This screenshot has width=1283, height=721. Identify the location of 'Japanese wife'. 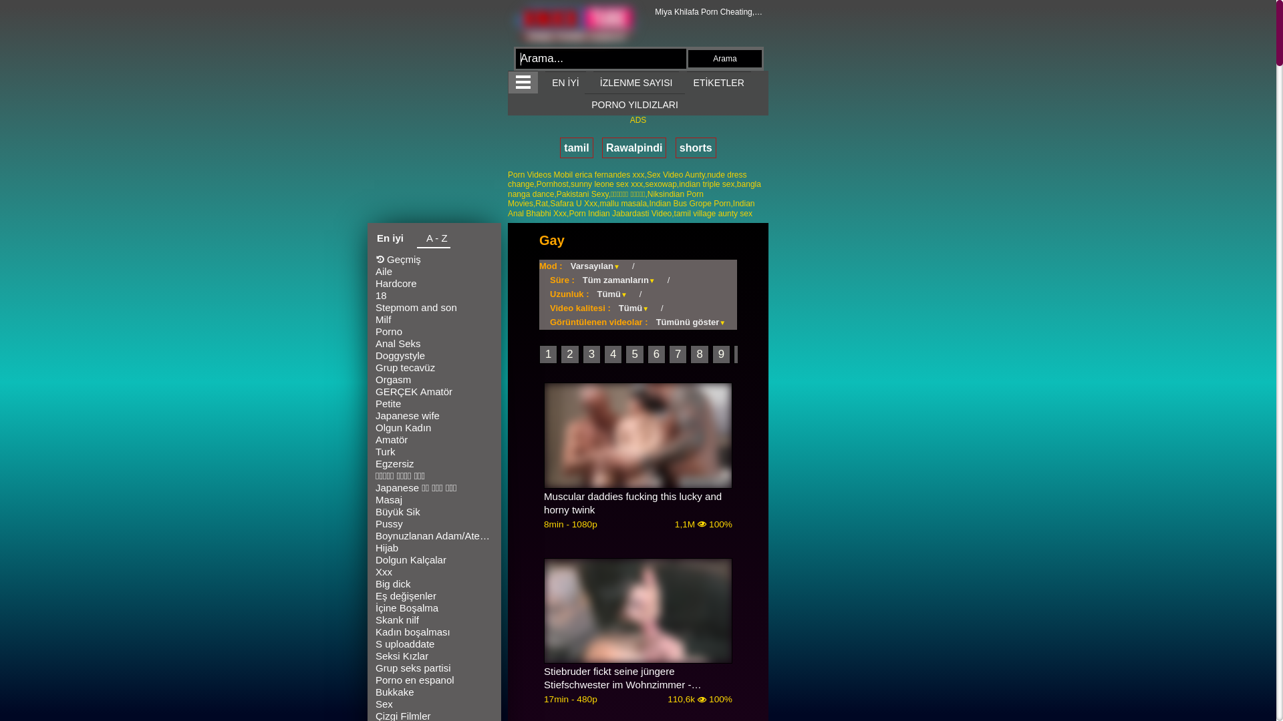
(434, 415).